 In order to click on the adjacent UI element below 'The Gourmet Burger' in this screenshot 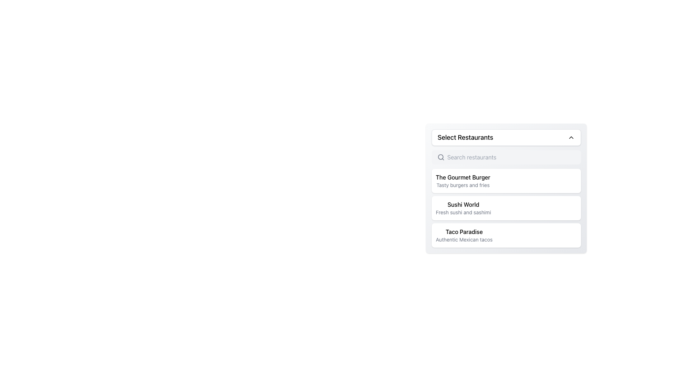, I will do `click(463, 208)`.